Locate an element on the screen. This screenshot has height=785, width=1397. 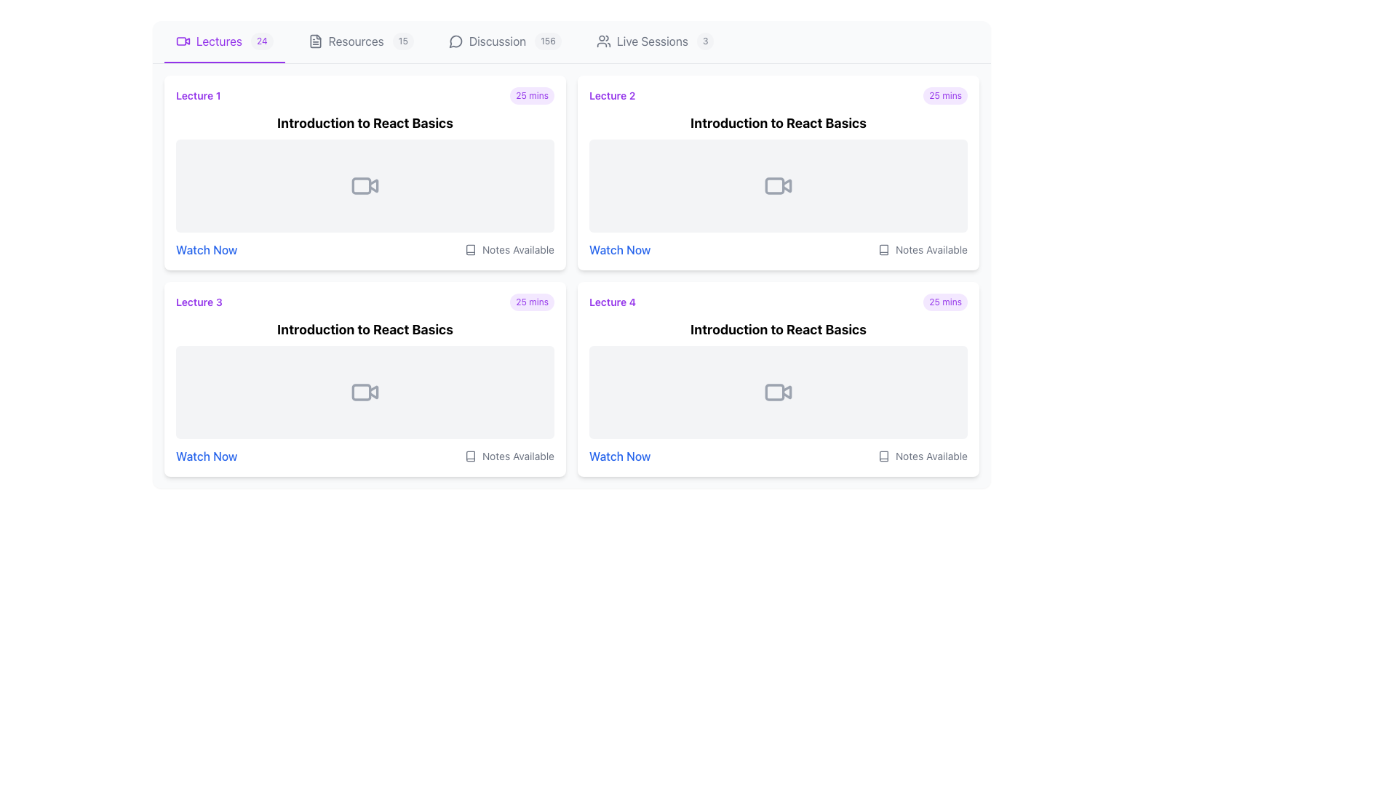
the speech bubble icon in the 'Discussion' section of the navigation bar, located to the left of the label 'Discussion' and above the numerical indicator '156' is located at coordinates (455, 41).